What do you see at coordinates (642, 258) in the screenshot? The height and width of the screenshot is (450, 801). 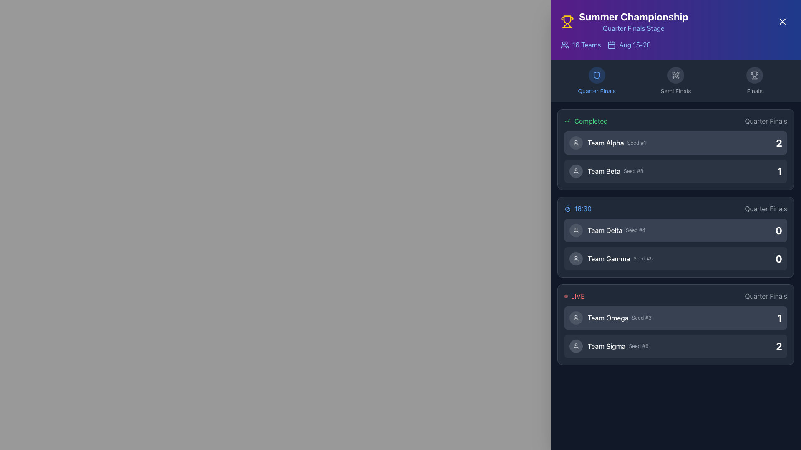 I see `text label displaying 'Seed #5' styled in gray, located to the right of 'Team Gamma' within the 'Quarter Finals' section` at bounding box center [642, 258].